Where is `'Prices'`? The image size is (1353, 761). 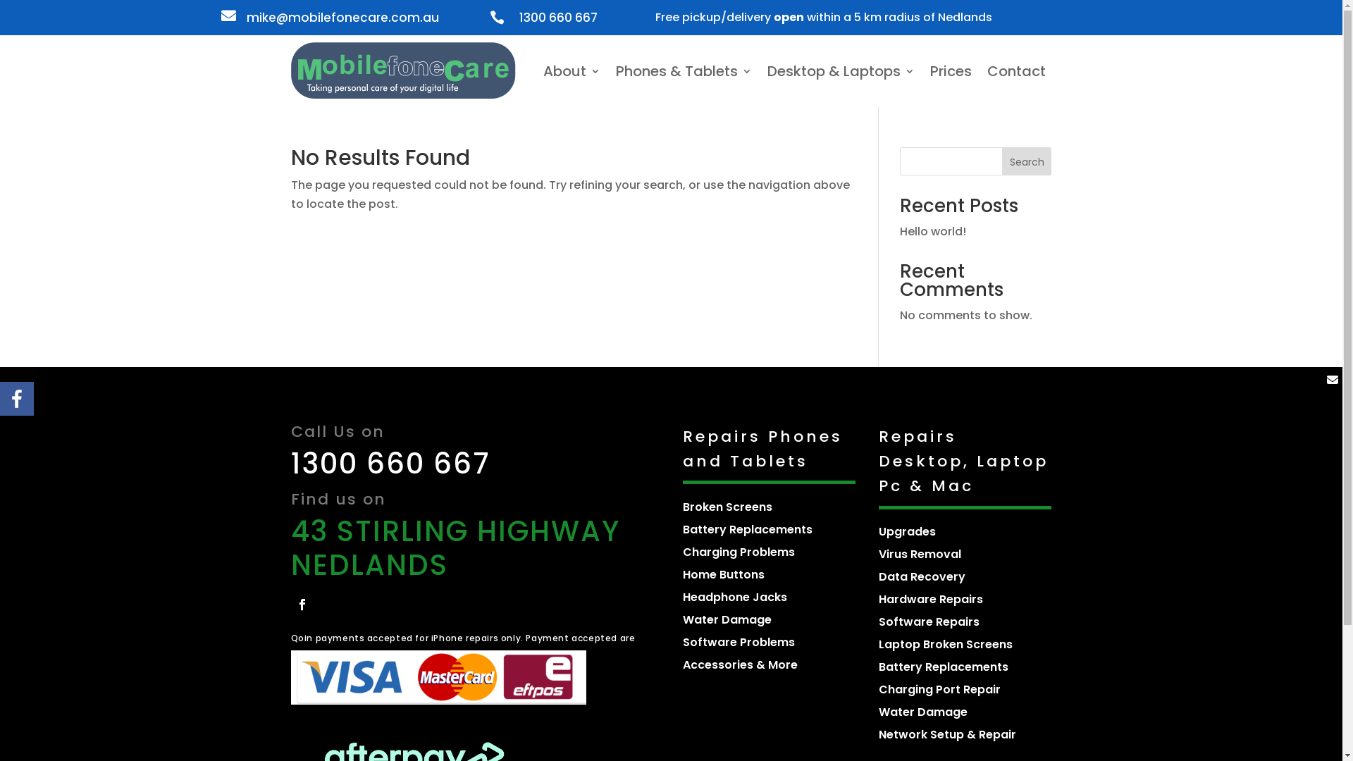 'Prices' is located at coordinates (951, 70).